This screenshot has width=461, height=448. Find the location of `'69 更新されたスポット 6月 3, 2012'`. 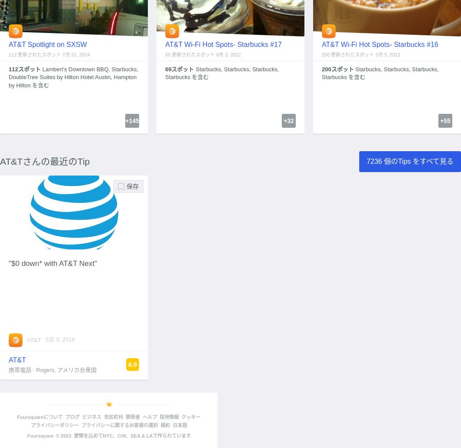

'69 更新されたスポット 6月 3, 2012' is located at coordinates (203, 54).